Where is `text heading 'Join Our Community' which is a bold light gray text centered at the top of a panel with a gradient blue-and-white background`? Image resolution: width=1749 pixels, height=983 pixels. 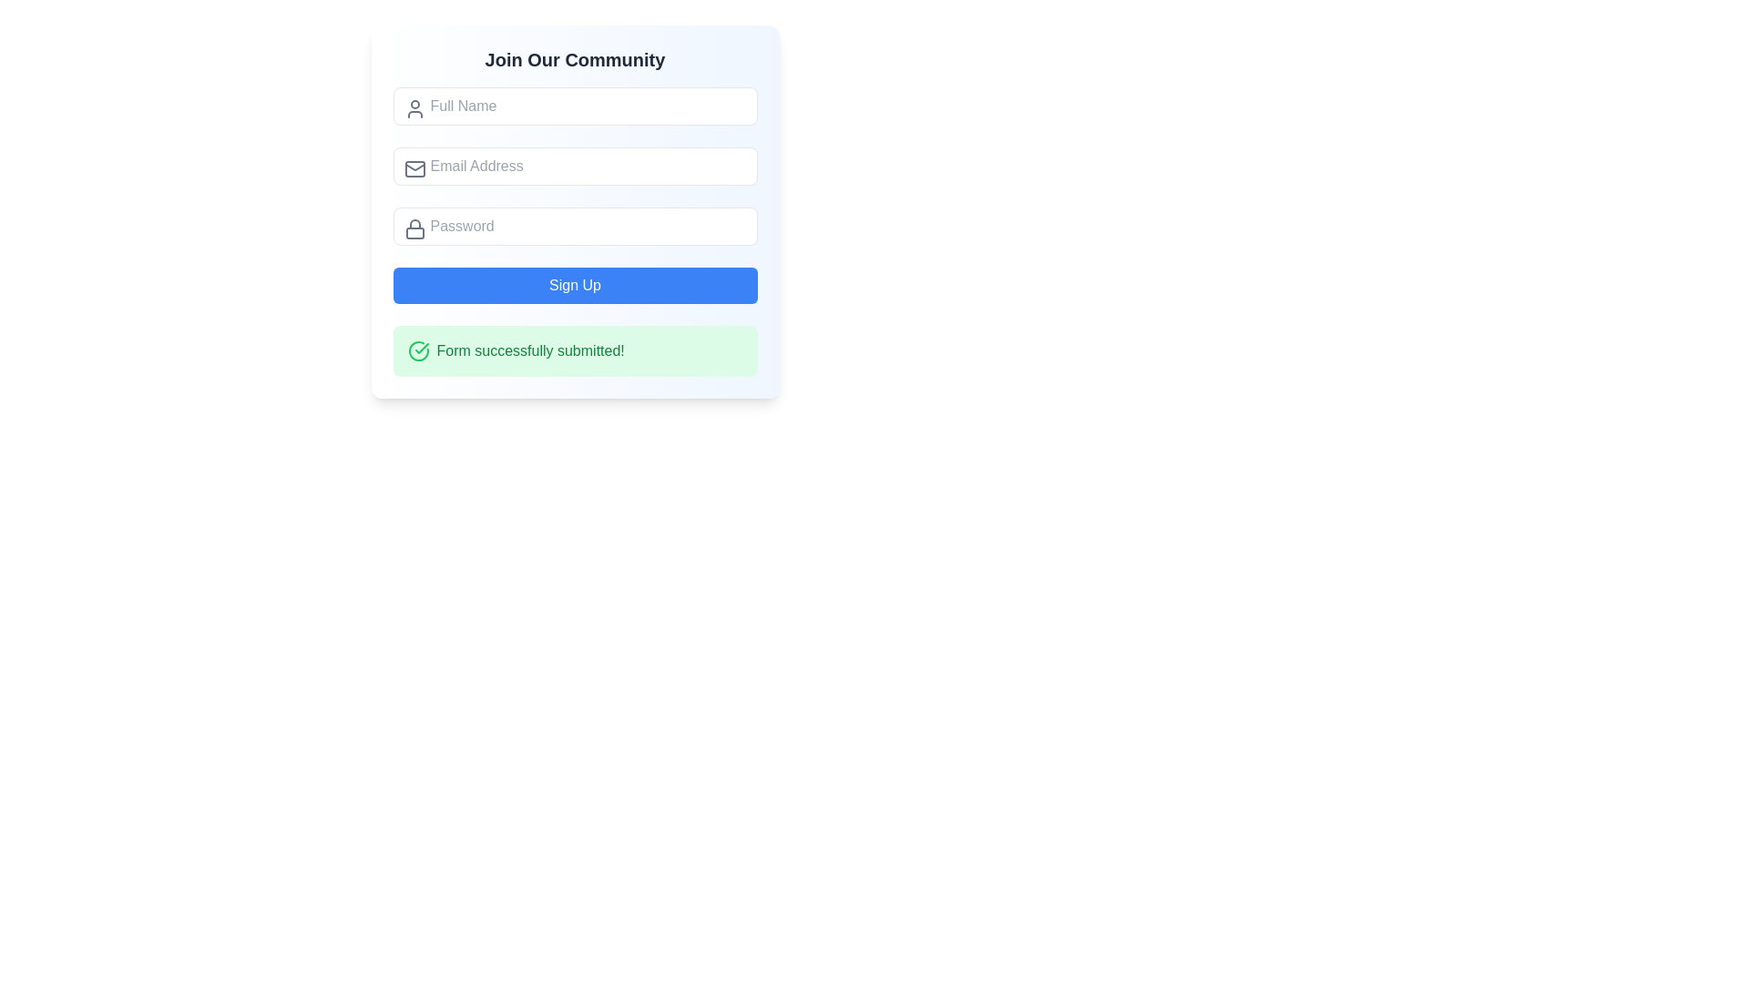
text heading 'Join Our Community' which is a bold light gray text centered at the top of a panel with a gradient blue-and-white background is located at coordinates (574, 58).